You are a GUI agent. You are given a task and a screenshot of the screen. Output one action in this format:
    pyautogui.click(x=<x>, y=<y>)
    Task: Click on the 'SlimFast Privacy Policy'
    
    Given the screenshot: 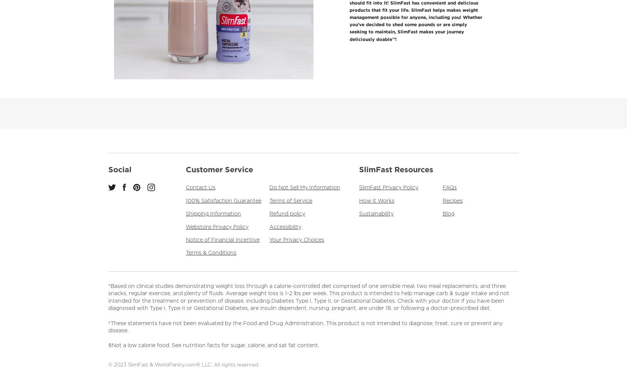 What is the action you would take?
    pyautogui.click(x=389, y=187)
    